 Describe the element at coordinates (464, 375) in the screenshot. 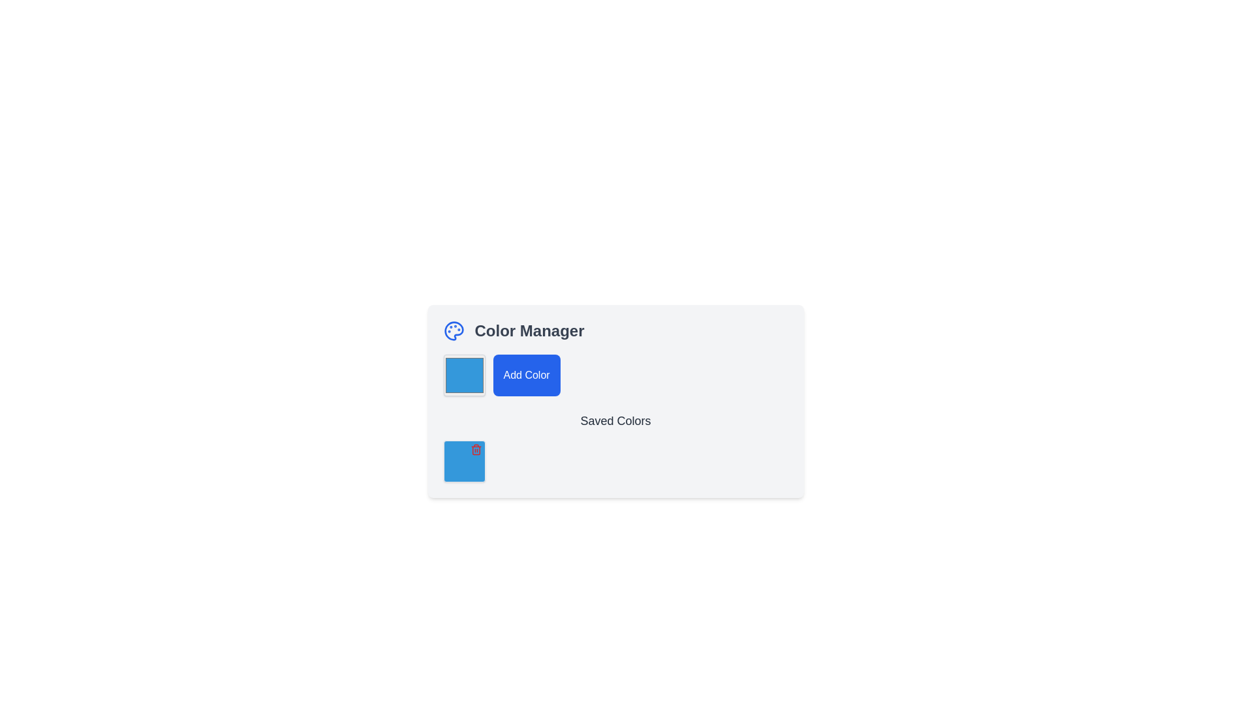

I see `the color swatch located` at that location.